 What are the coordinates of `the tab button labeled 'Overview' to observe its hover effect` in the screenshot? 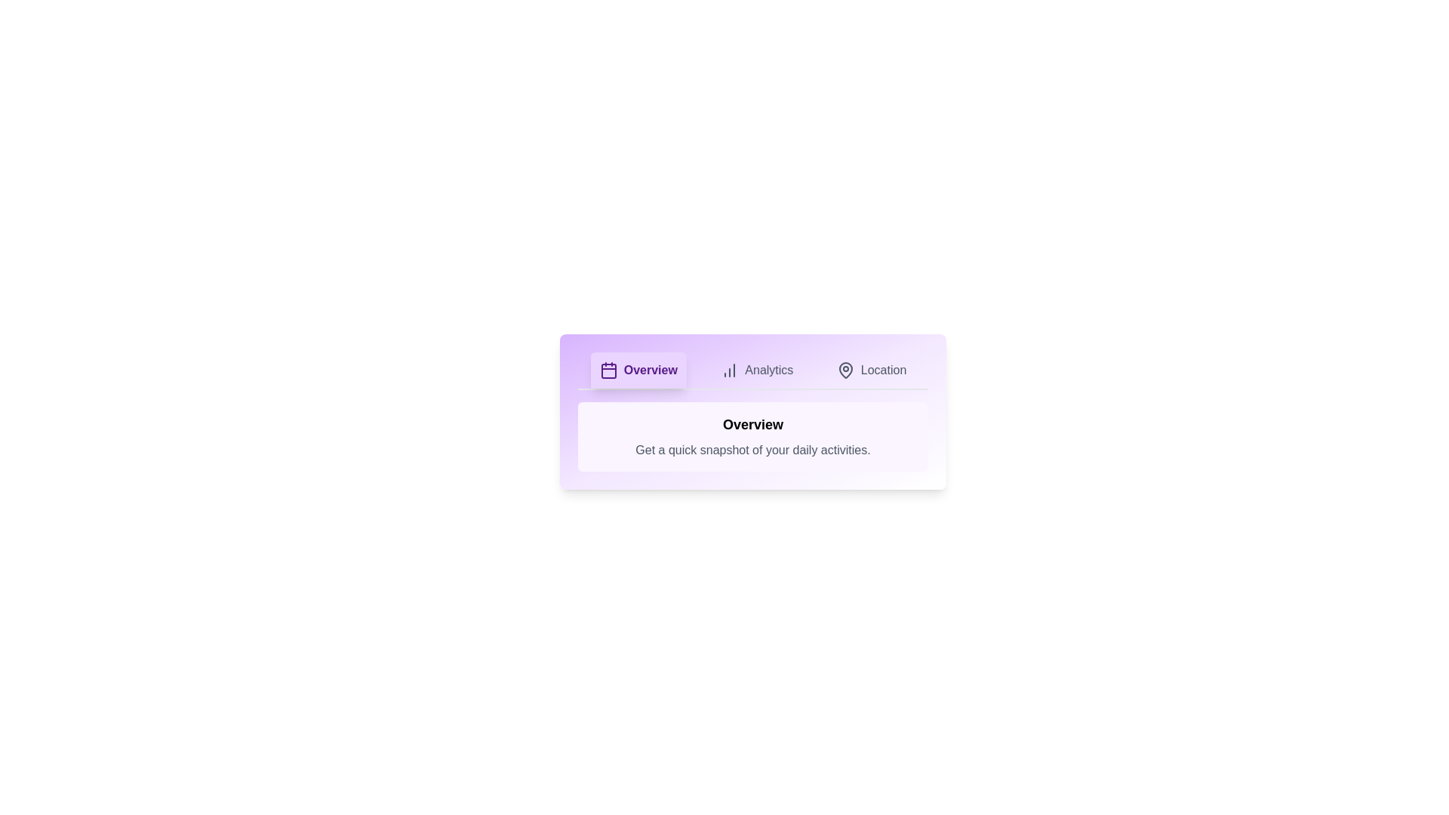 It's located at (638, 370).